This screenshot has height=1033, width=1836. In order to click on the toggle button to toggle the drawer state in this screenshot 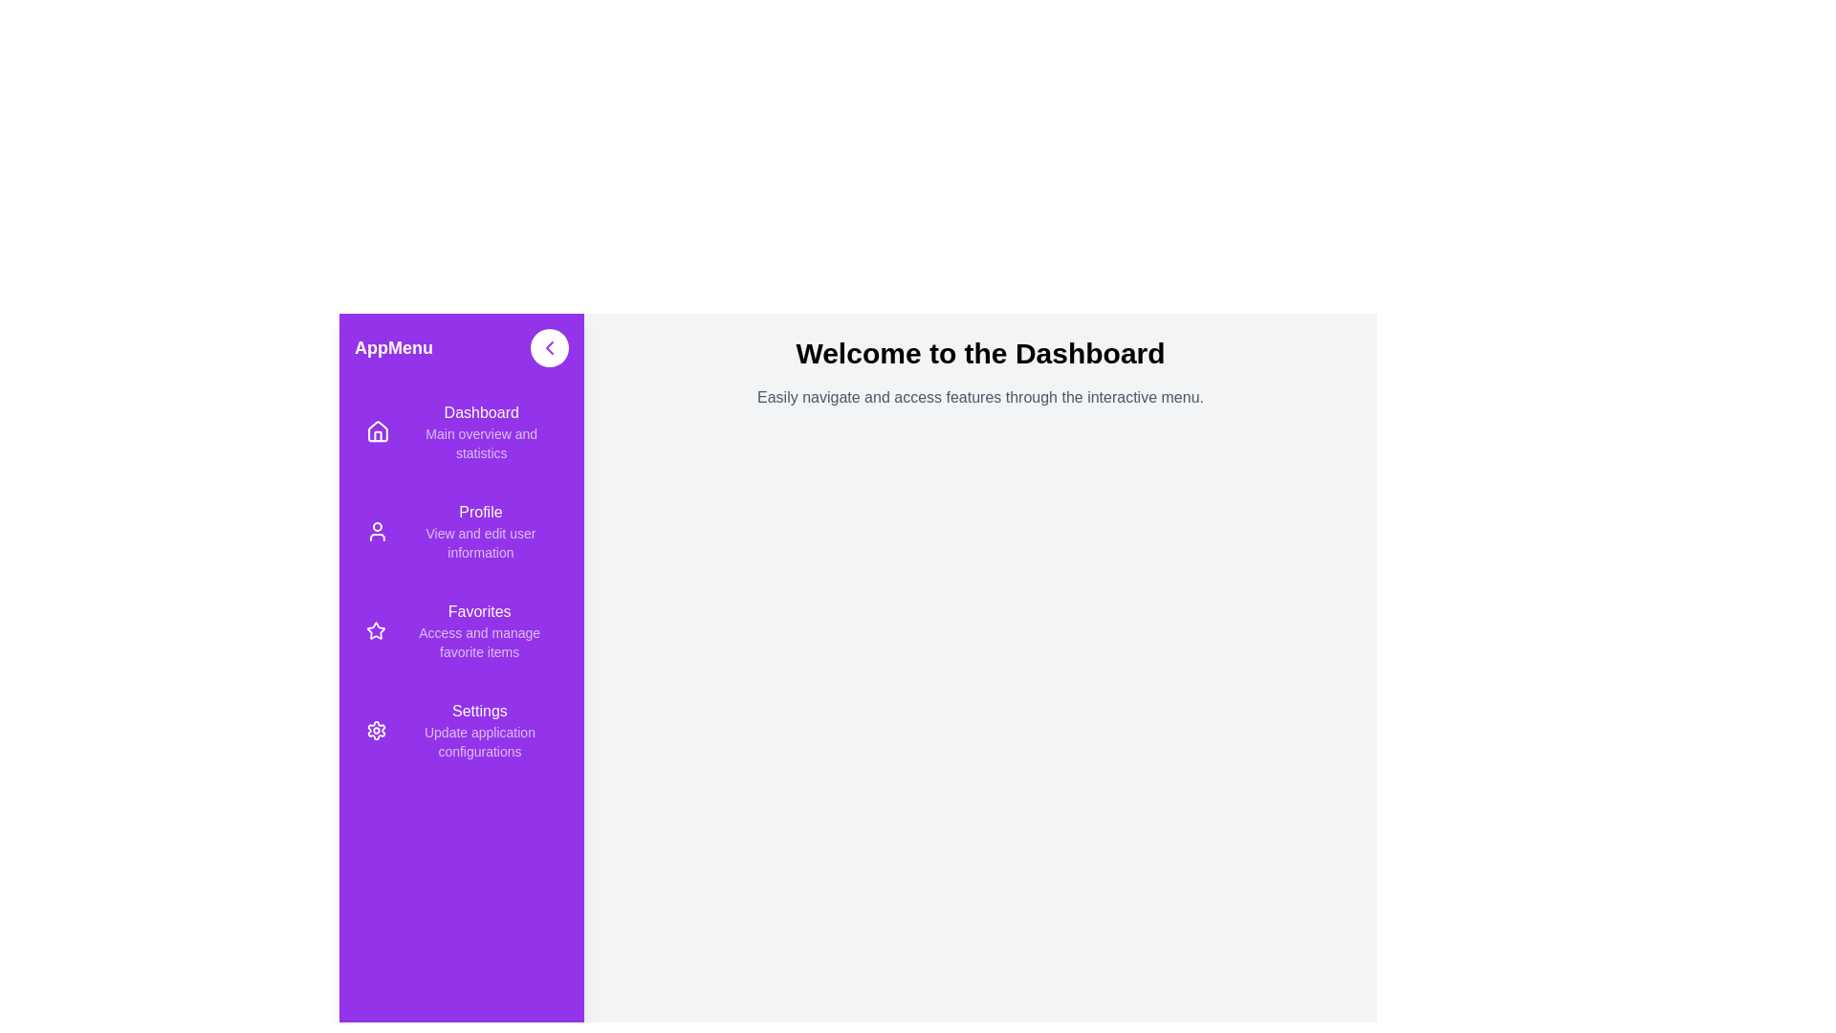, I will do `click(549, 347)`.